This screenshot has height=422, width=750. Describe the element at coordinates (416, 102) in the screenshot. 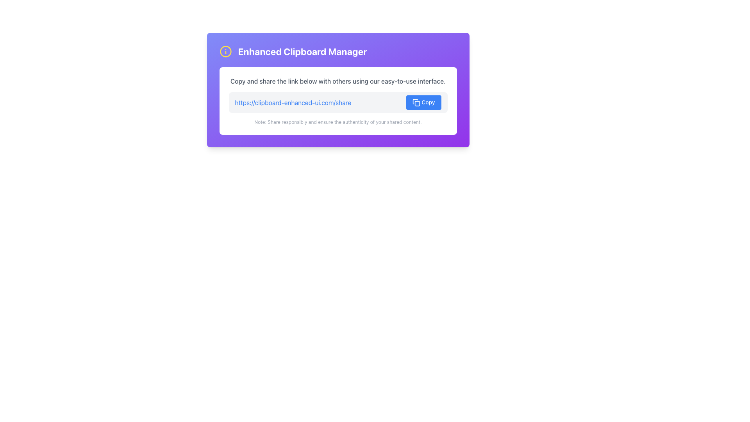

I see `the copy icon located within the blue button labeled 'Copy', which is positioned towards the right side of the button content and centered vertically` at that location.